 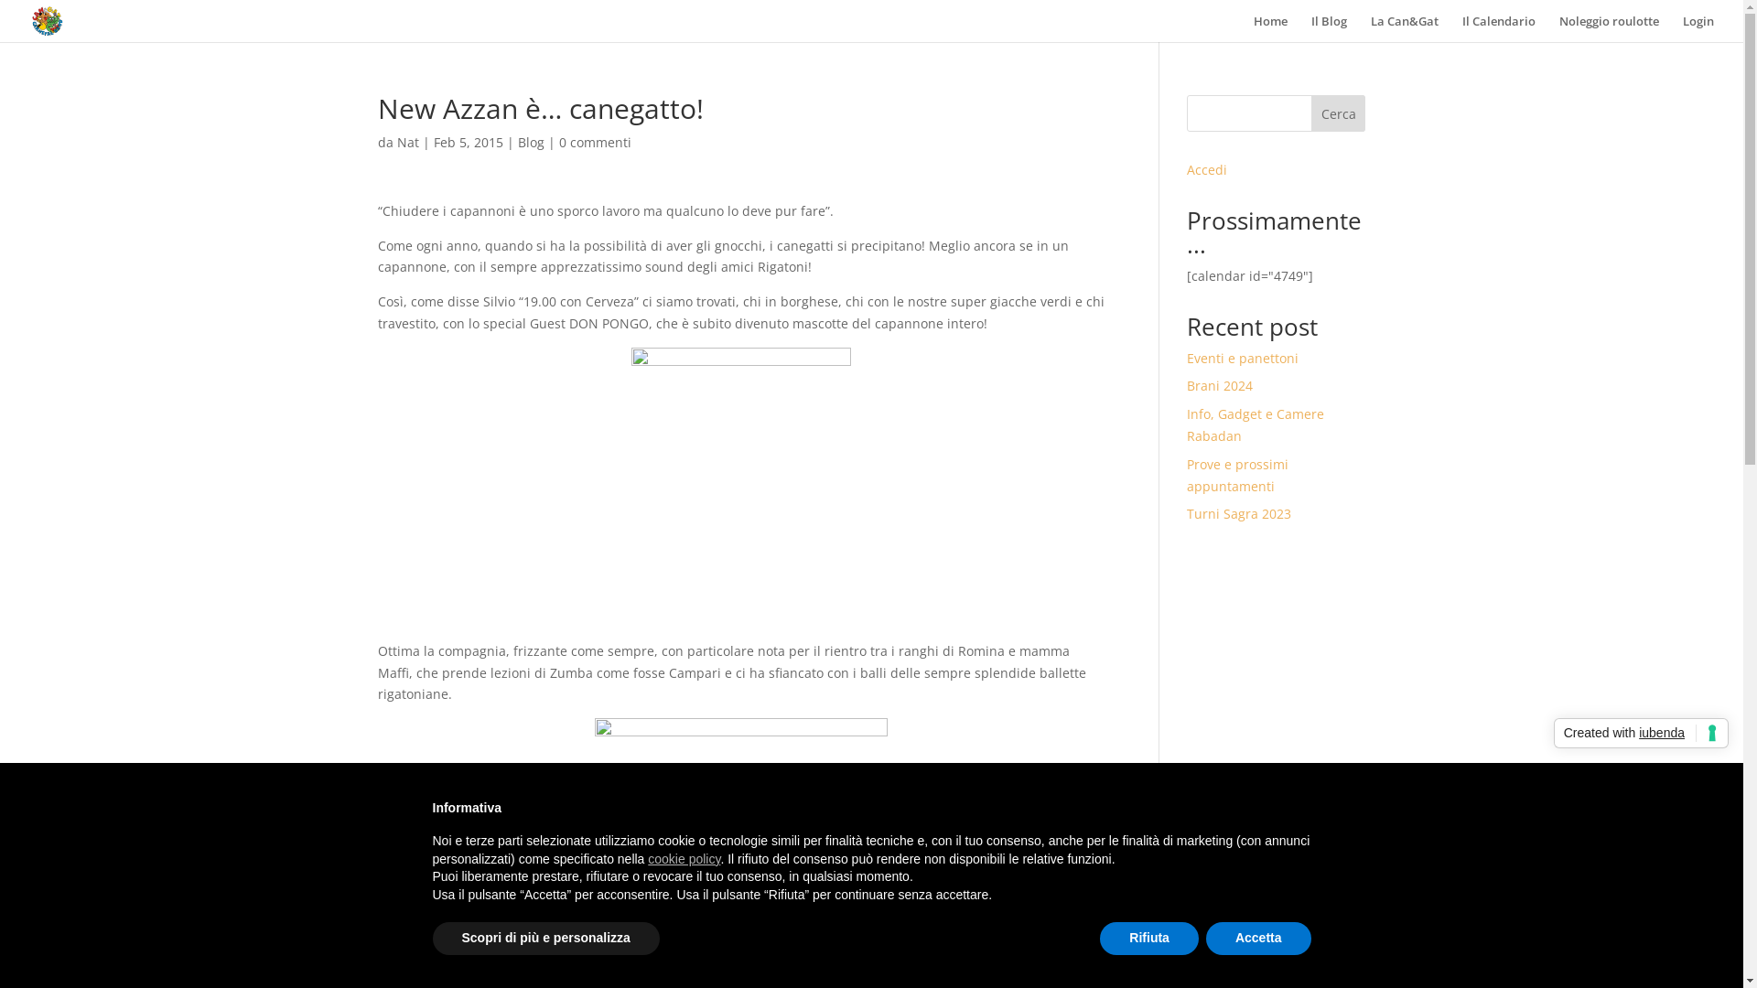 I want to click on 'Accetta', so click(x=1257, y=939).